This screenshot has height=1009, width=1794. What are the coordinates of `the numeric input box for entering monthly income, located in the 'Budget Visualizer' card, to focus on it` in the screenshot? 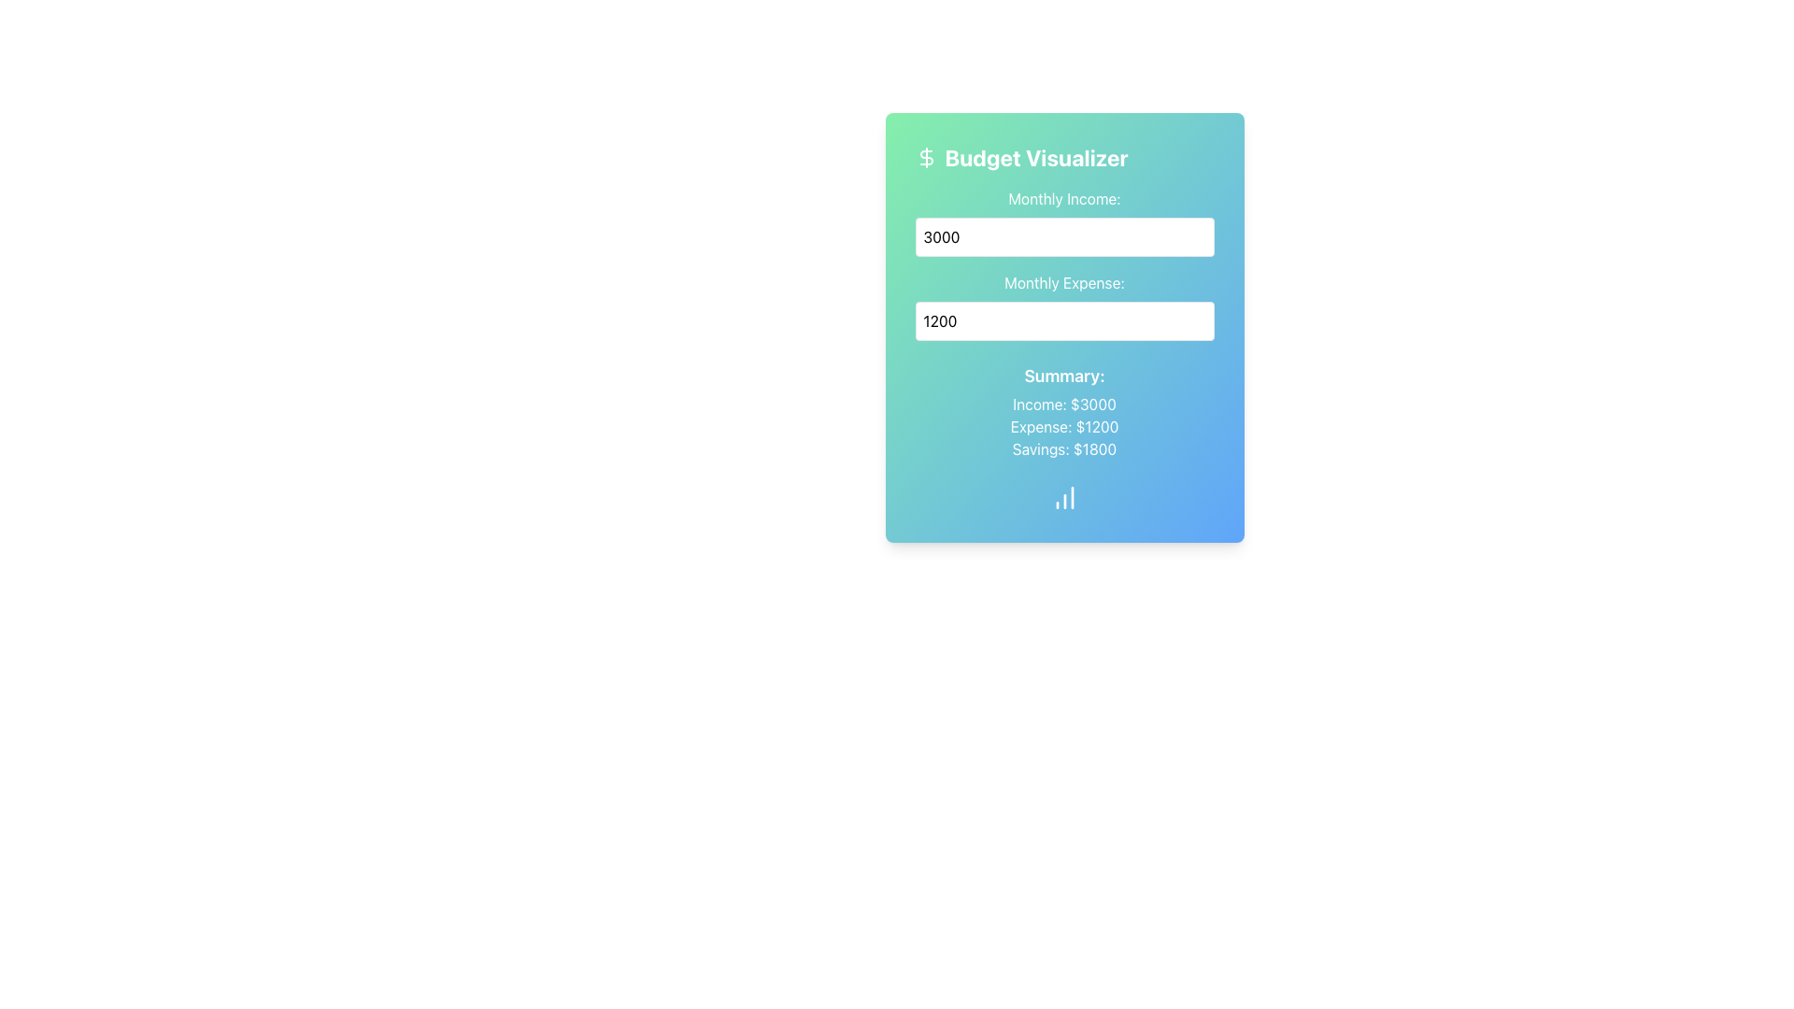 It's located at (1064, 221).